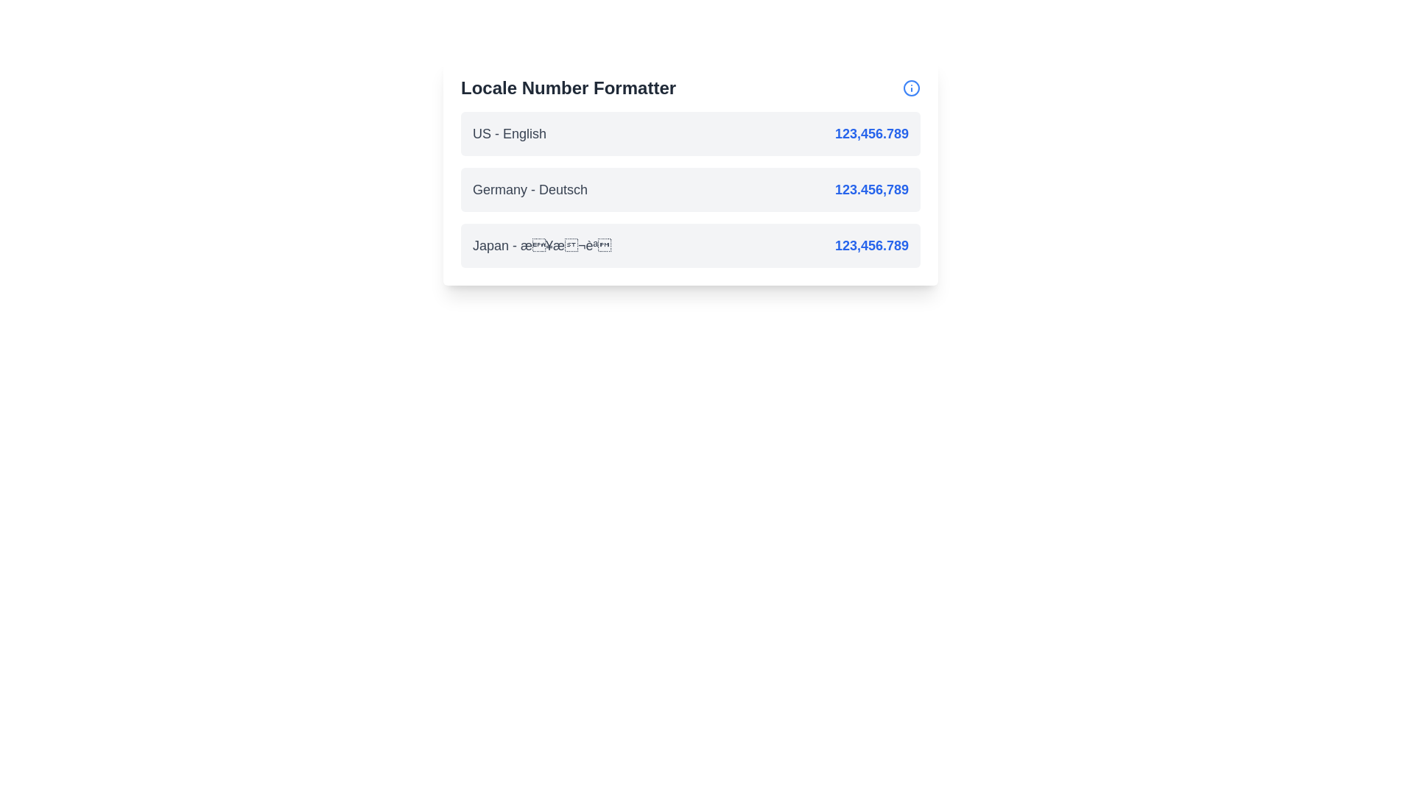 Image resolution: width=1414 pixels, height=795 pixels. I want to click on the text label displaying 'Japan - 日本語' in gray color, located in the third row under 'Locale Number Formatter', so click(541, 245).